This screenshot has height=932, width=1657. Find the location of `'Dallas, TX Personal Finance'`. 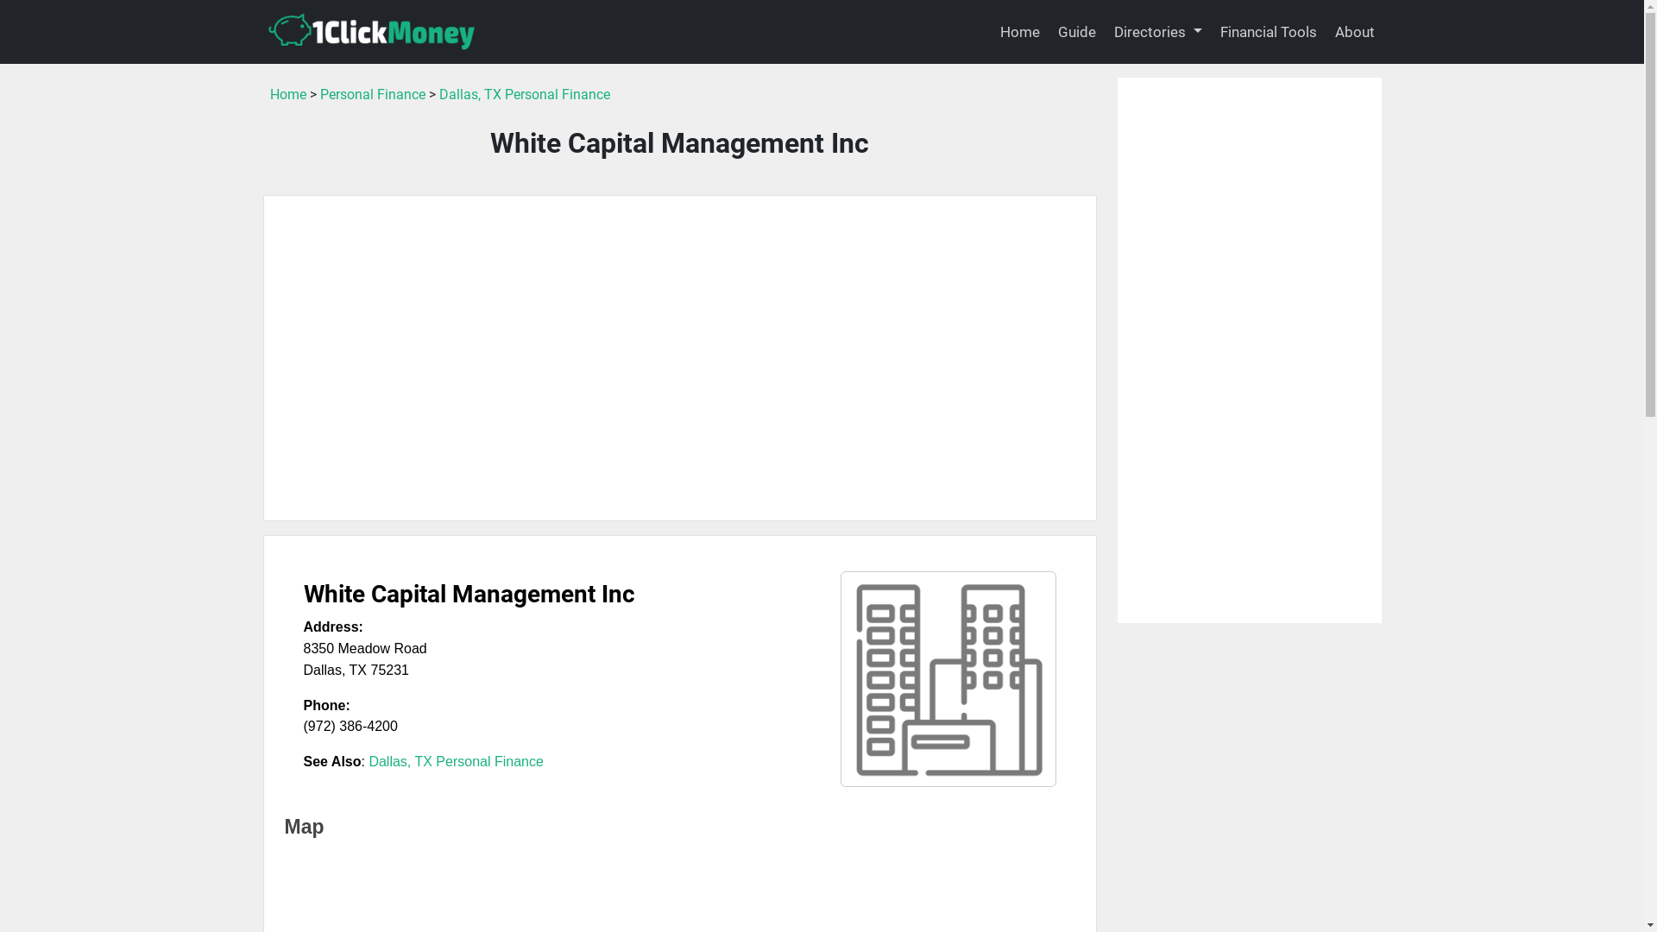

'Dallas, TX Personal Finance' is located at coordinates (456, 760).